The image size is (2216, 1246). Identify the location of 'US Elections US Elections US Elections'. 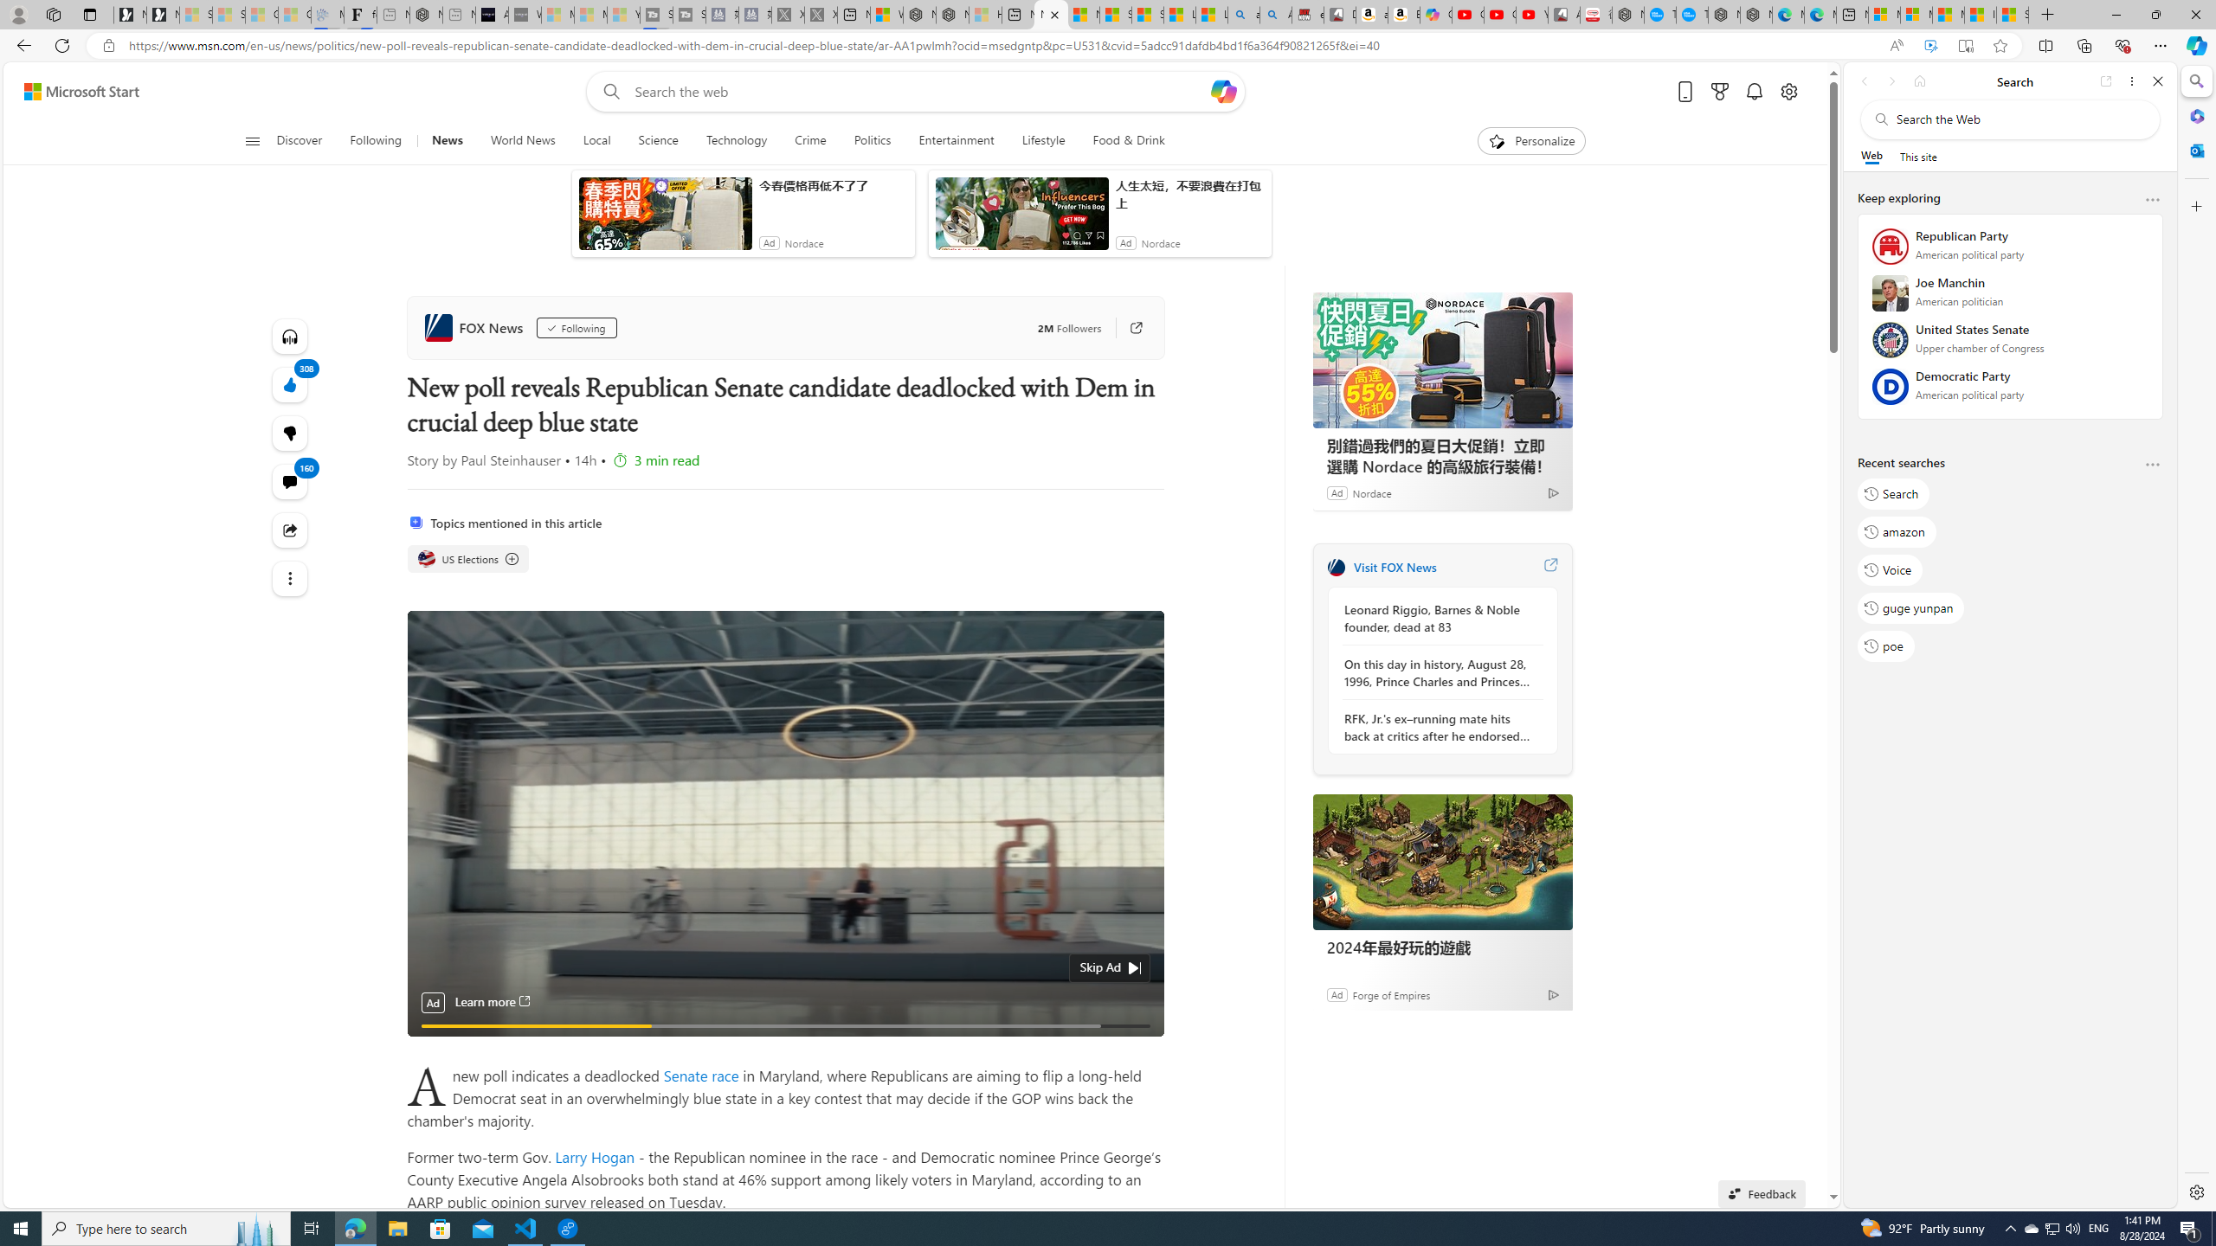
(468, 559).